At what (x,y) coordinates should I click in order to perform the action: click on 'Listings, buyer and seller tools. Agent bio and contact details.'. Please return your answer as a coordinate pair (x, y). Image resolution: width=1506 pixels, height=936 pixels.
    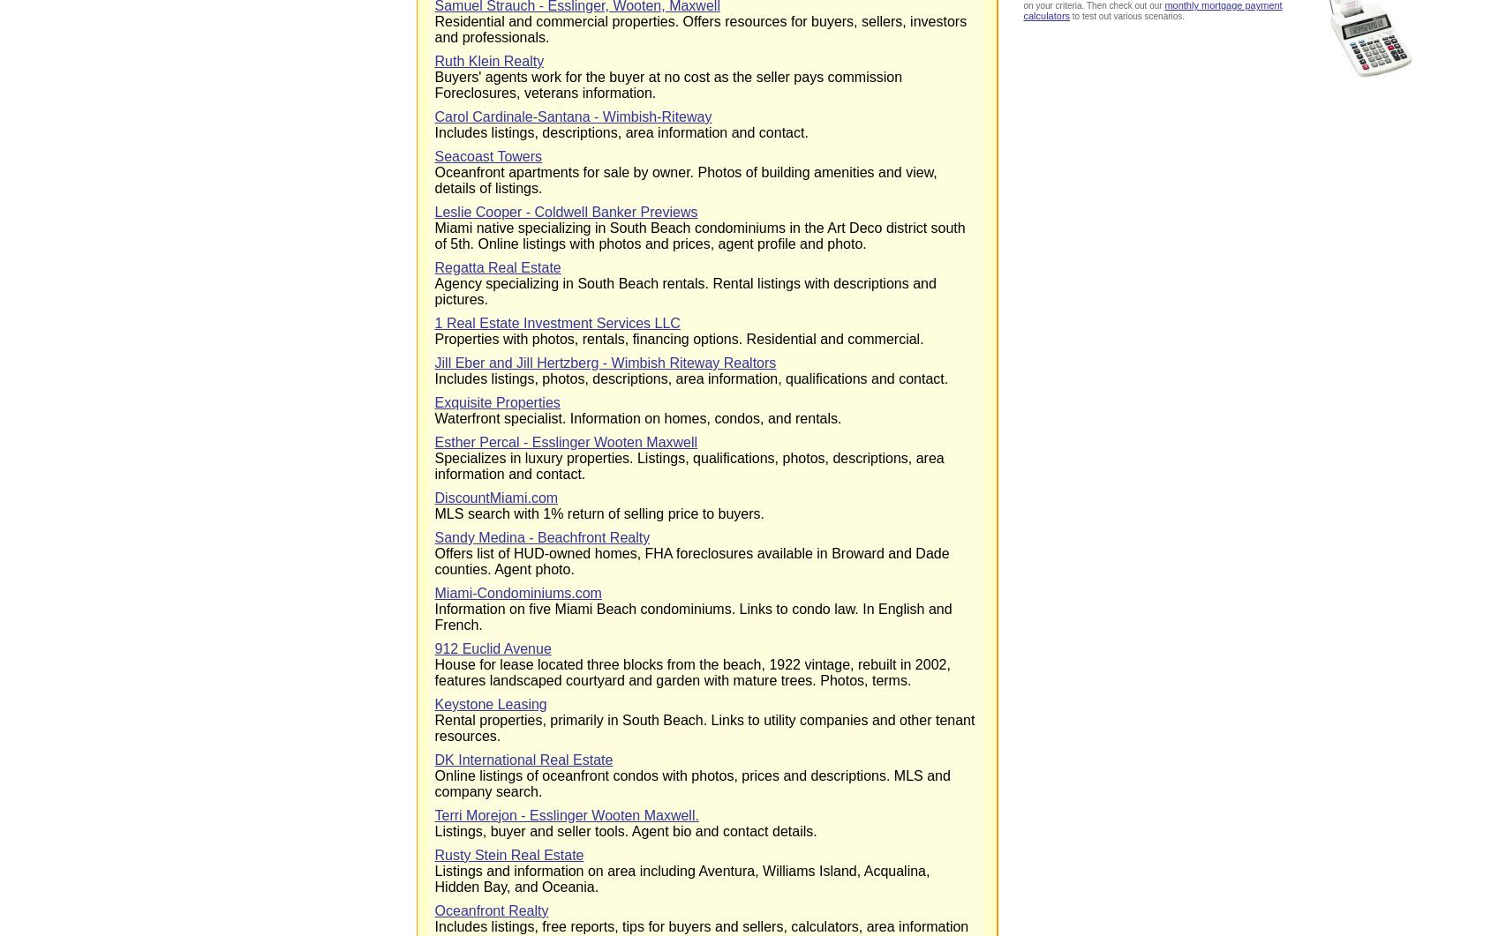
    Looking at the image, I should click on (624, 830).